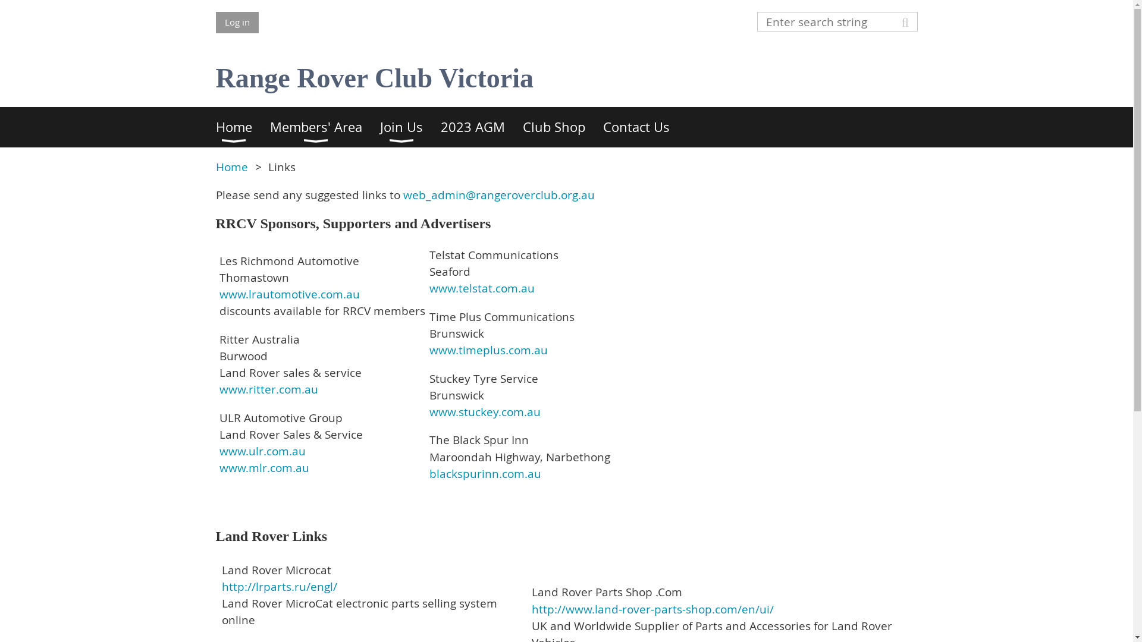 The height and width of the screenshot is (642, 1142). What do you see at coordinates (485, 473) in the screenshot?
I see `'blackspurinn.com.au'` at bounding box center [485, 473].